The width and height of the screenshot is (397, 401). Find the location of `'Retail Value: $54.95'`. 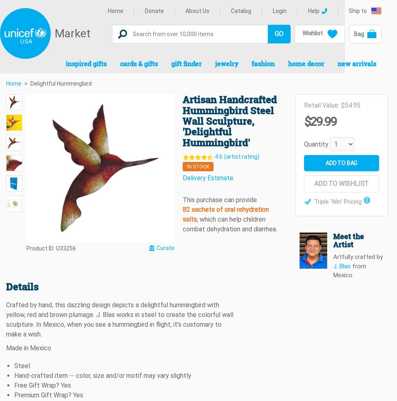

'Retail Value: $54.95' is located at coordinates (303, 105).